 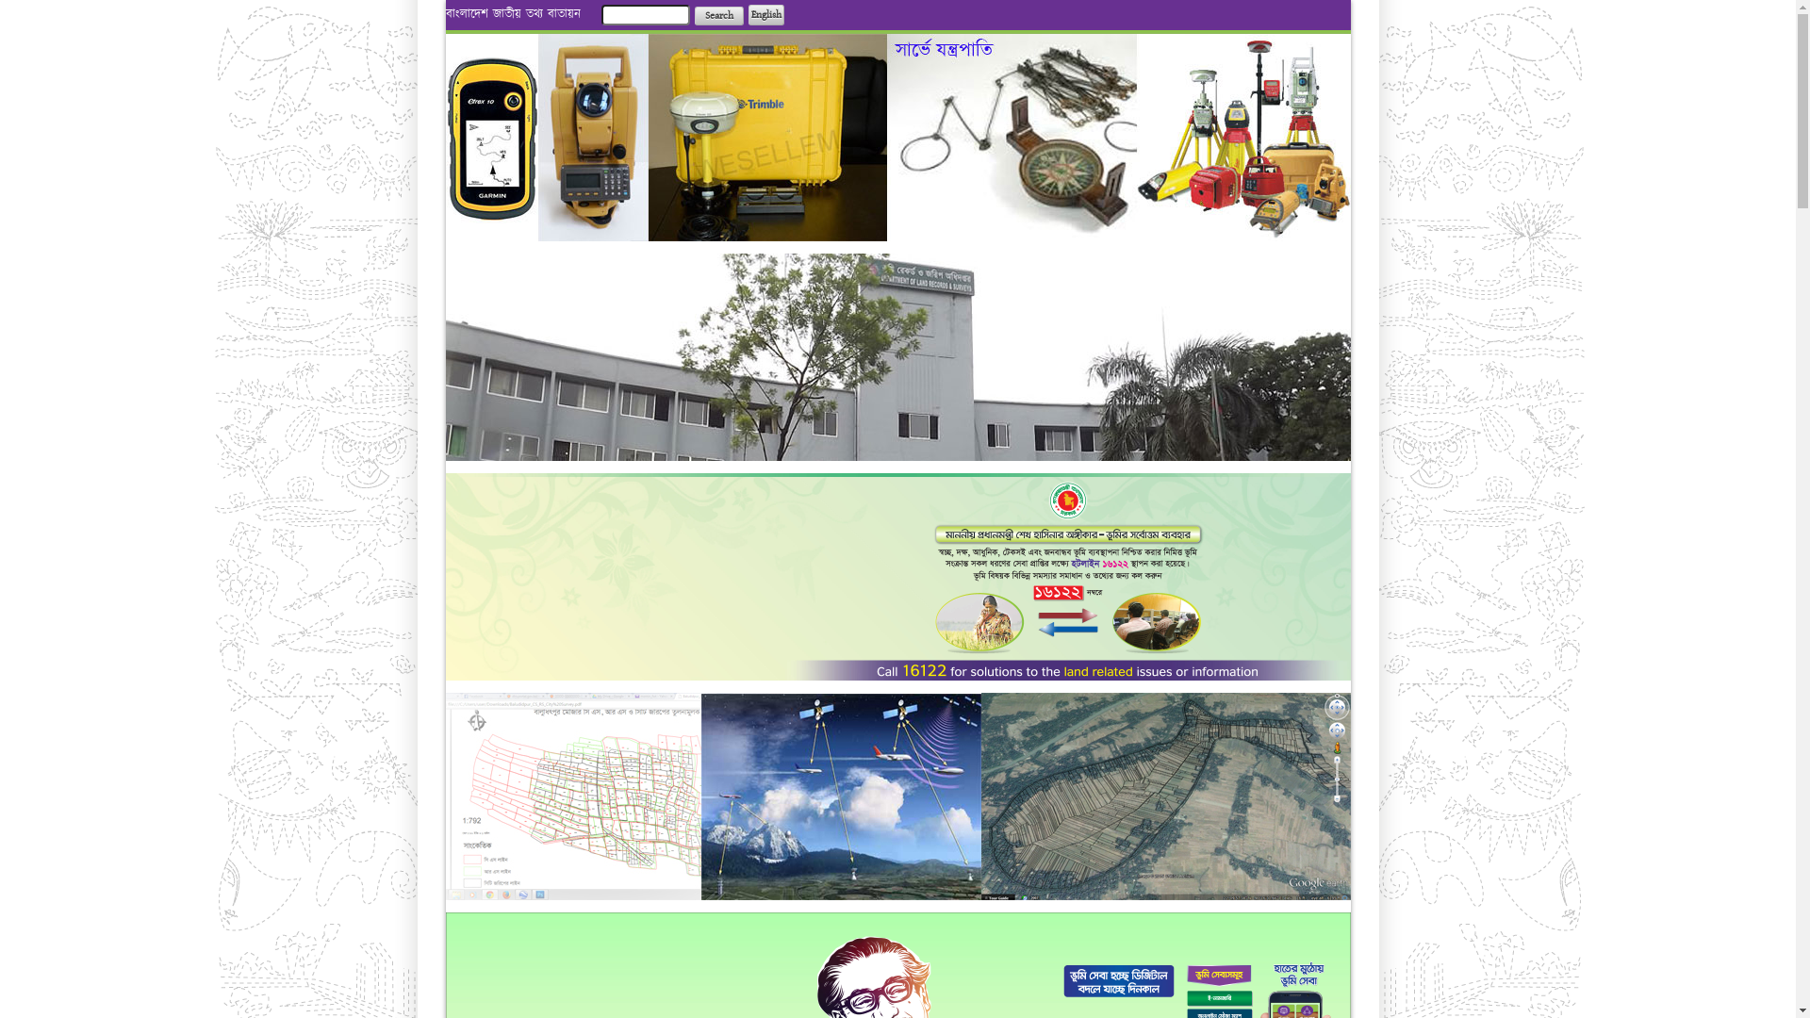 What do you see at coordinates (717, 15) in the screenshot?
I see `'Search'` at bounding box center [717, 15].